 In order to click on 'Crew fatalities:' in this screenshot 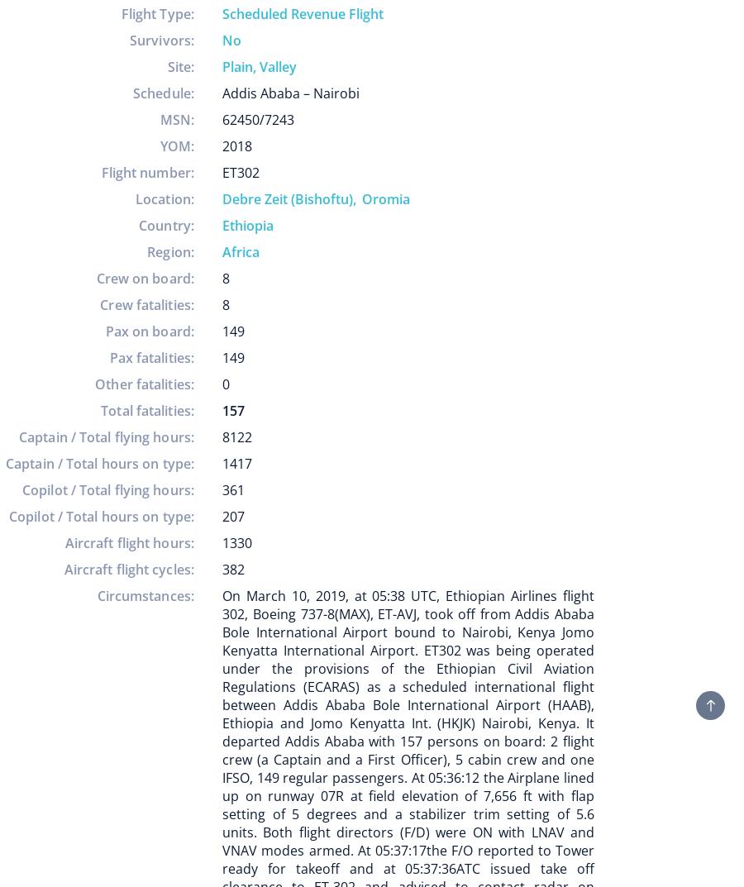, I will do `click(147, 304)`.